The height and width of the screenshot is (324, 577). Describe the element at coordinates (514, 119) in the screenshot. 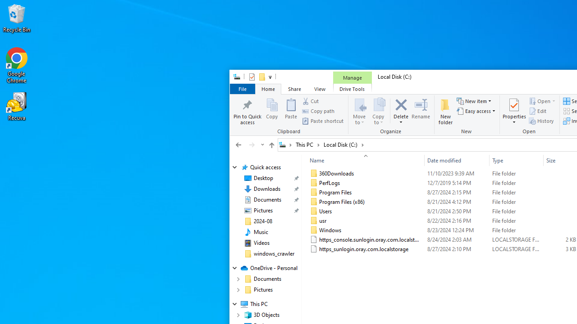

I see `'Properties'` at that location.